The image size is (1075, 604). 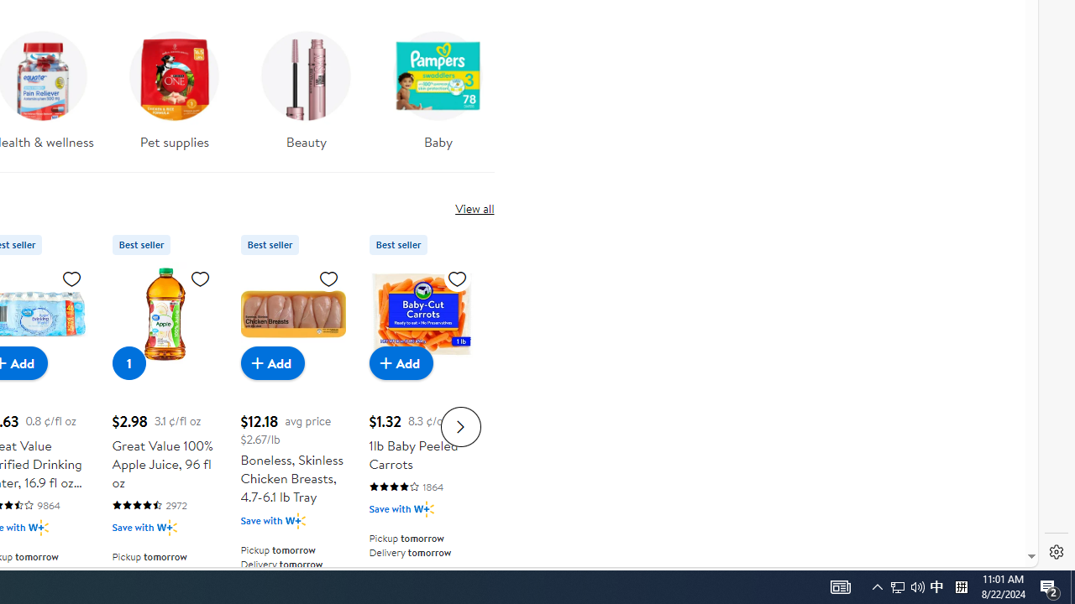 What do you see at coordinates (175, 85) in the screenshot?
I see `'Pet supplies'` at bounding box center [175, 85].